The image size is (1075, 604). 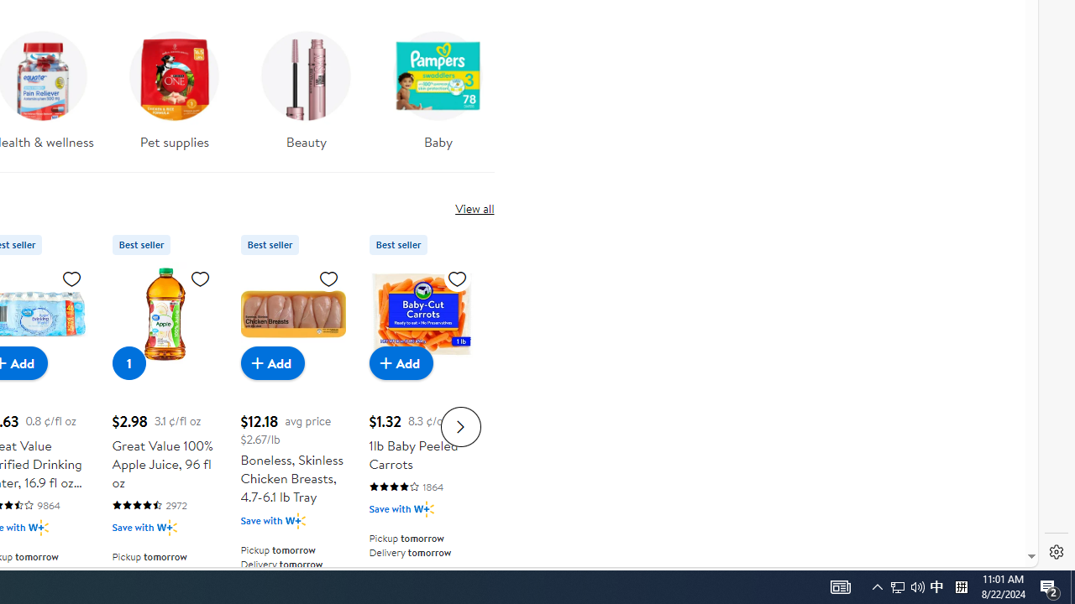 What do you see at coordinates (175, 85) in the screenshot?
I see `'Pet supplies'` at bounding box center [175, 85].